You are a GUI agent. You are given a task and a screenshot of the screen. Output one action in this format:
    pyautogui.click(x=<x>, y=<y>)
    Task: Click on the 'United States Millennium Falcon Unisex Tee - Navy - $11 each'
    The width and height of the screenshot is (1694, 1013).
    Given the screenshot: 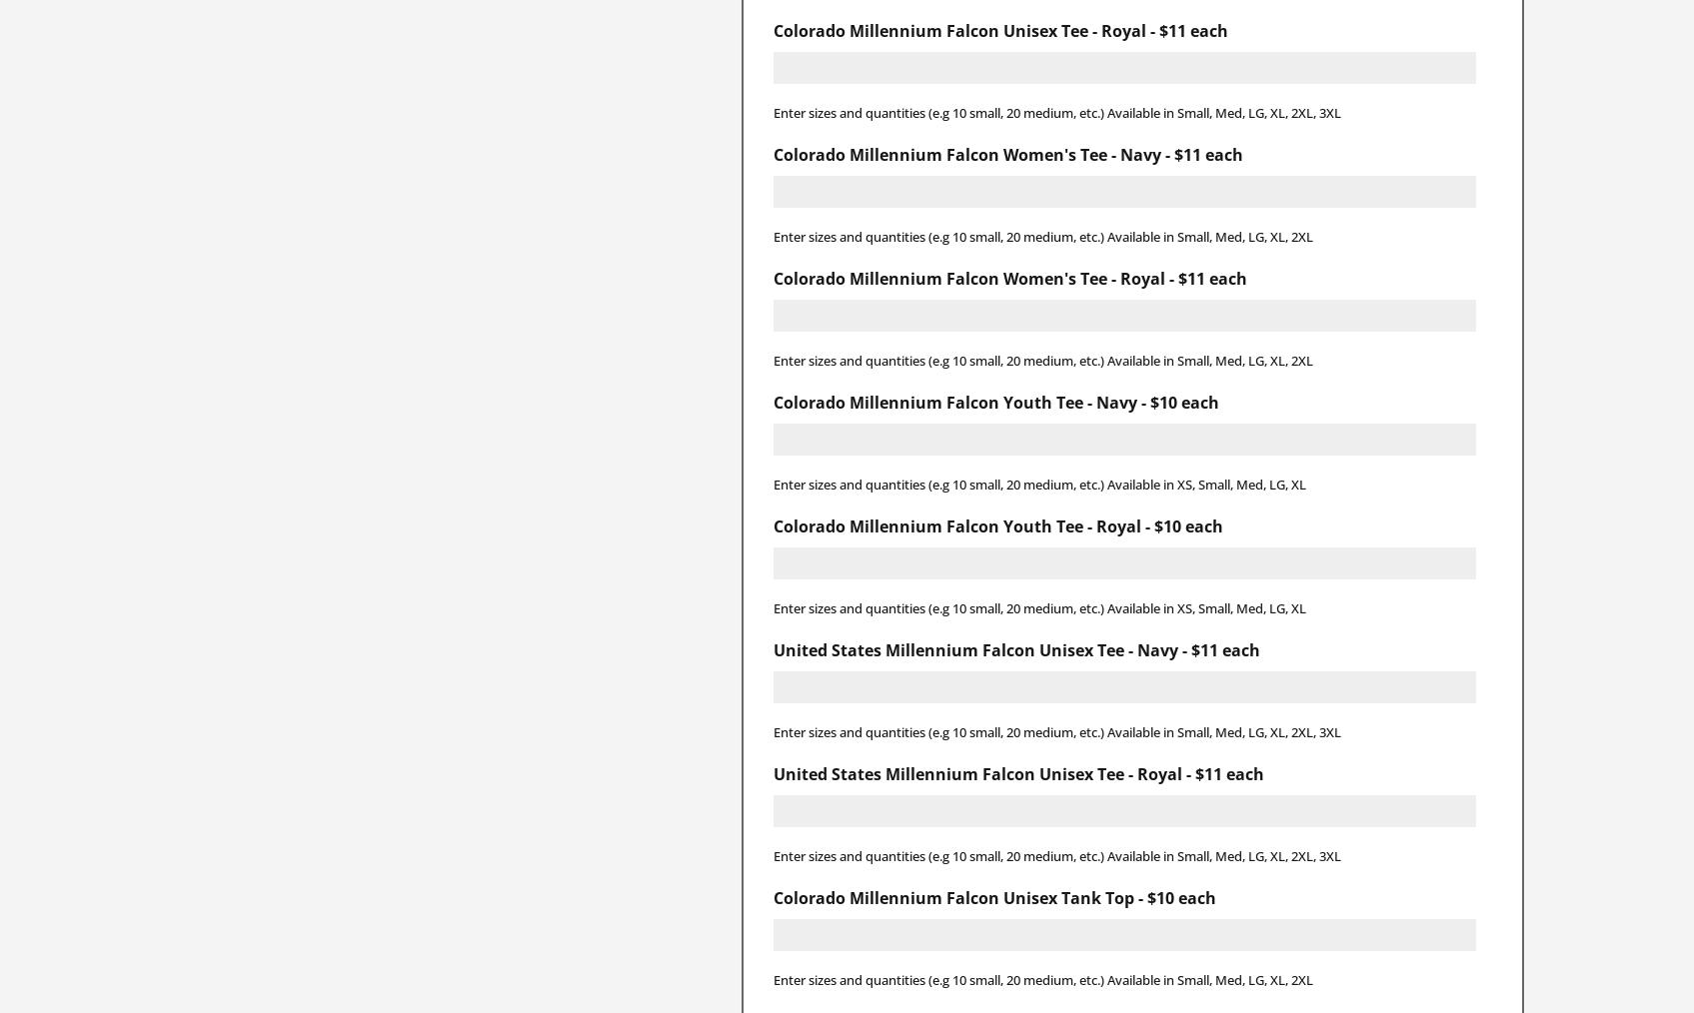 What is the action you would take?
    pyautogui.click(x=1014, y=648)
    